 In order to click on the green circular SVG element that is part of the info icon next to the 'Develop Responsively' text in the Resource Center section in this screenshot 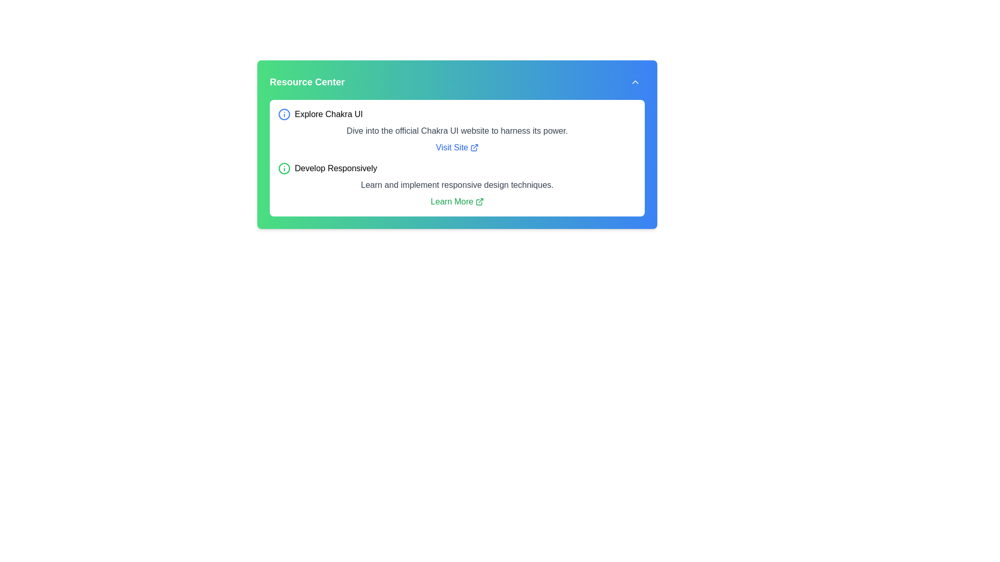, I will do `click(284, 168)`.